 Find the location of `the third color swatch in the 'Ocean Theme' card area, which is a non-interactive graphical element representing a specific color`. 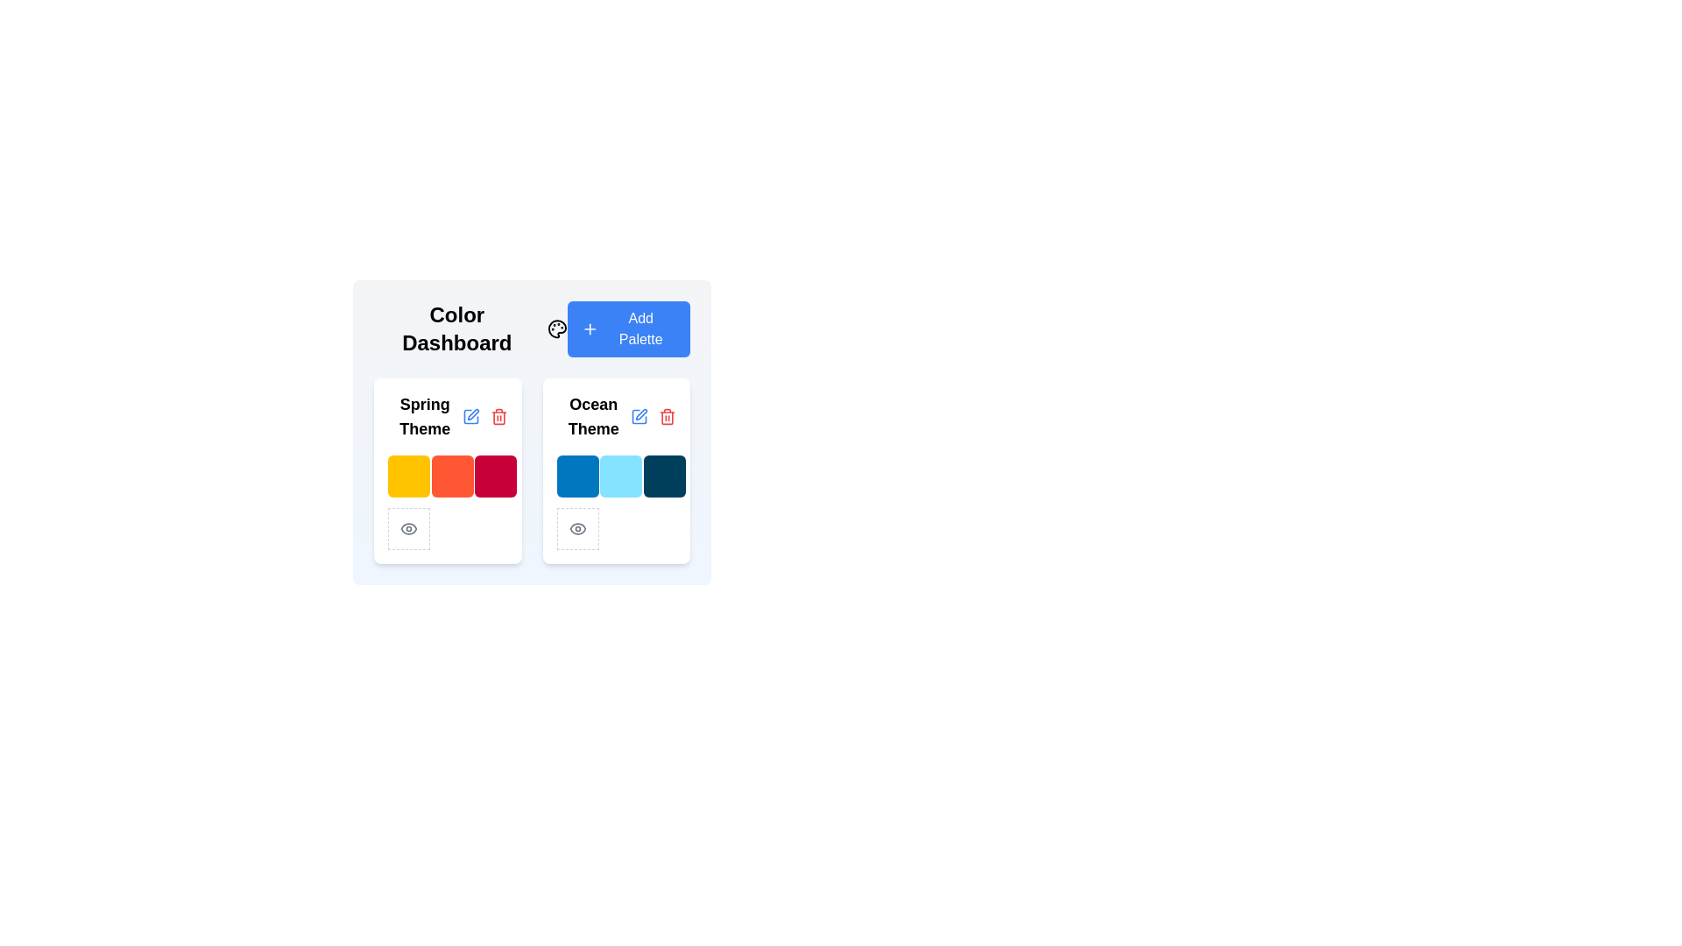

the third color swatch in the 'Ocean Theme' card area, which is a non-interactive graphical element representing a specific color is located at coordinates (663, 476).